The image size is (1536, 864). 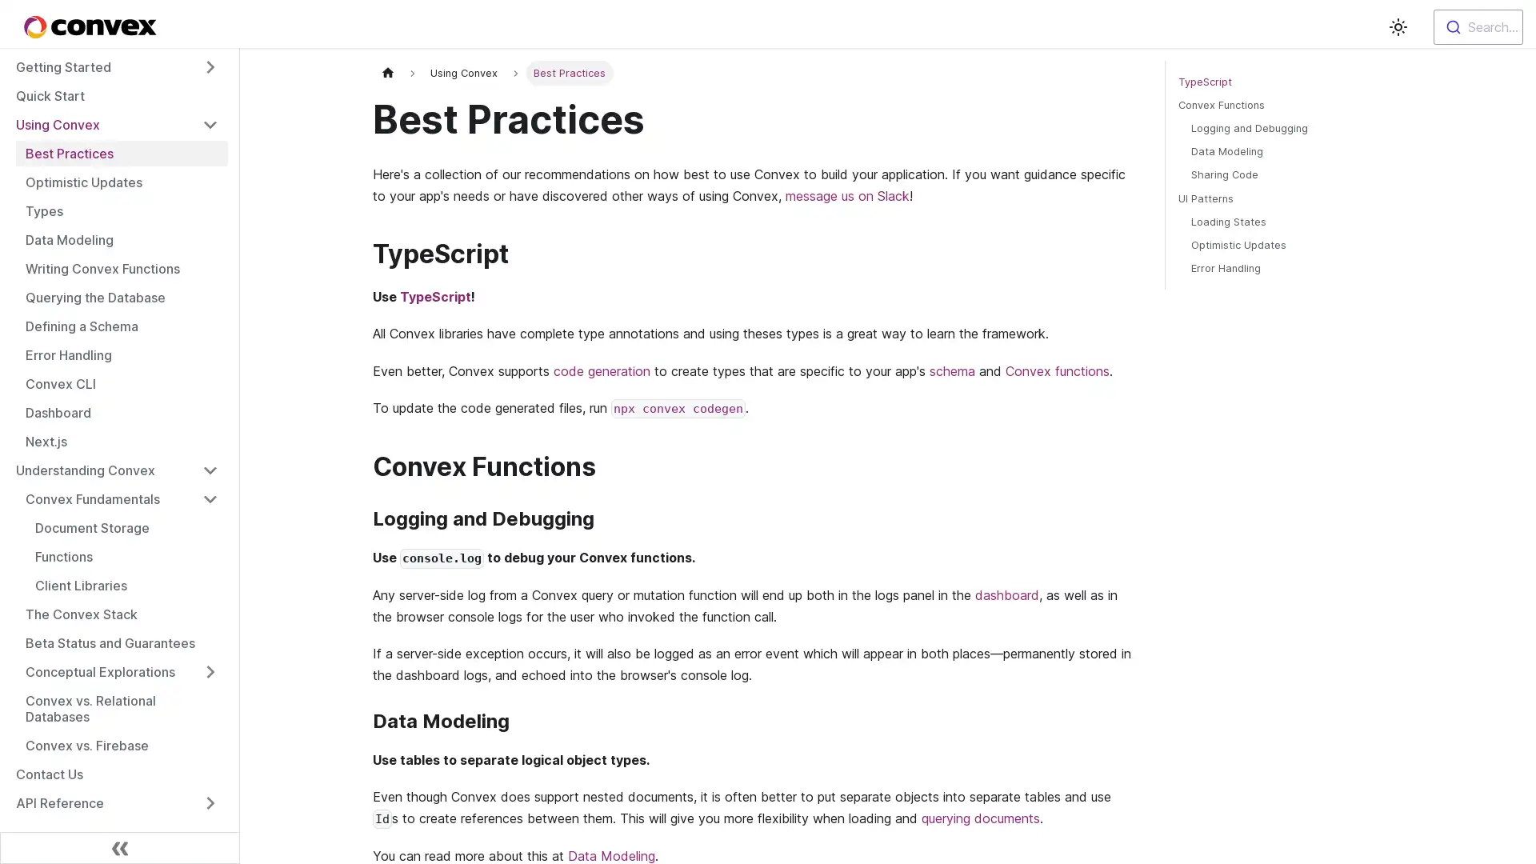 I want to click on Toggle the collapsible sidebar category 'API Reference', so click(x=210, y=802).